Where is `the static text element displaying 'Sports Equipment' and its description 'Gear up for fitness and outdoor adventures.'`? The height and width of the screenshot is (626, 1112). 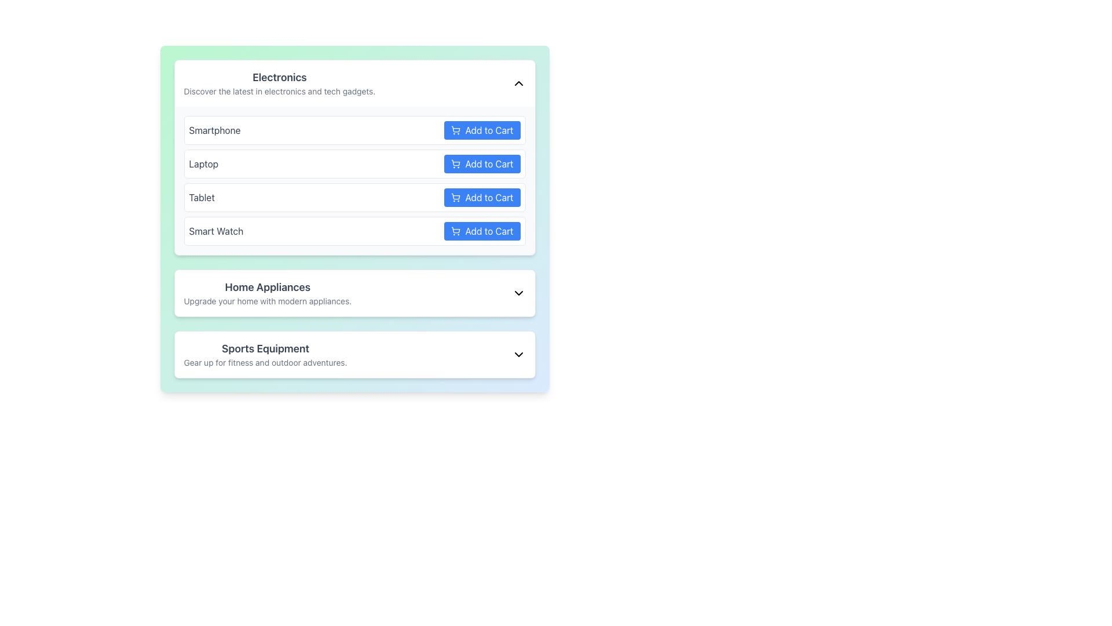
the static text element displaying 'Sports Equipment' and its description 'Gear up for fitness and outdoor adventures.' is located at coordinates (265, 354).